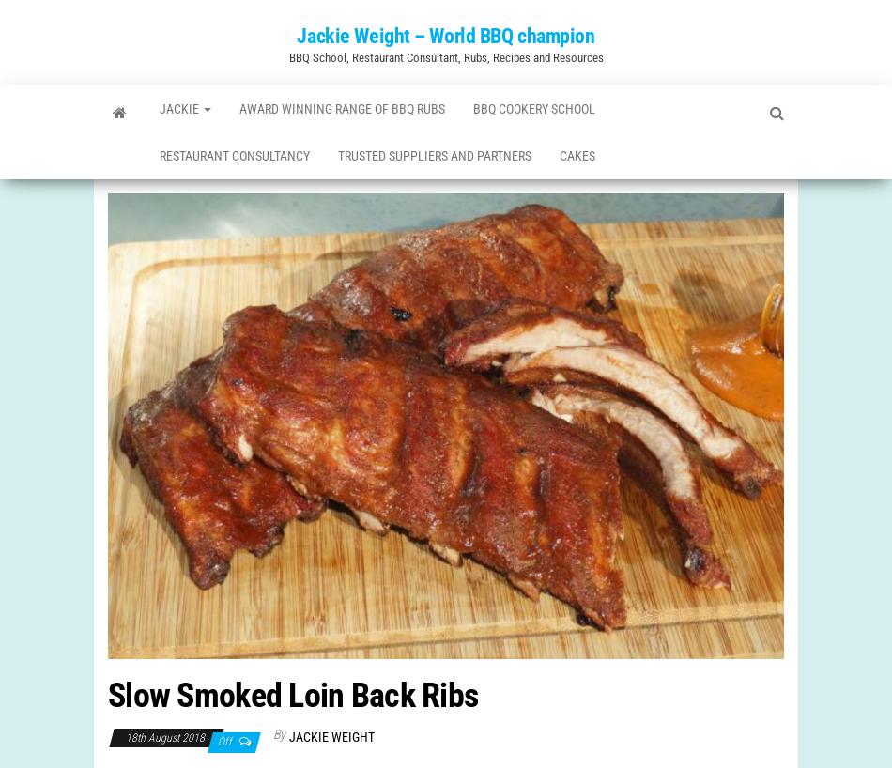 The height and width of the screenshot is (768, 892). Describe the element at coordinates (183, 112) in the screenshot. I see `'Jackie'` at that location.